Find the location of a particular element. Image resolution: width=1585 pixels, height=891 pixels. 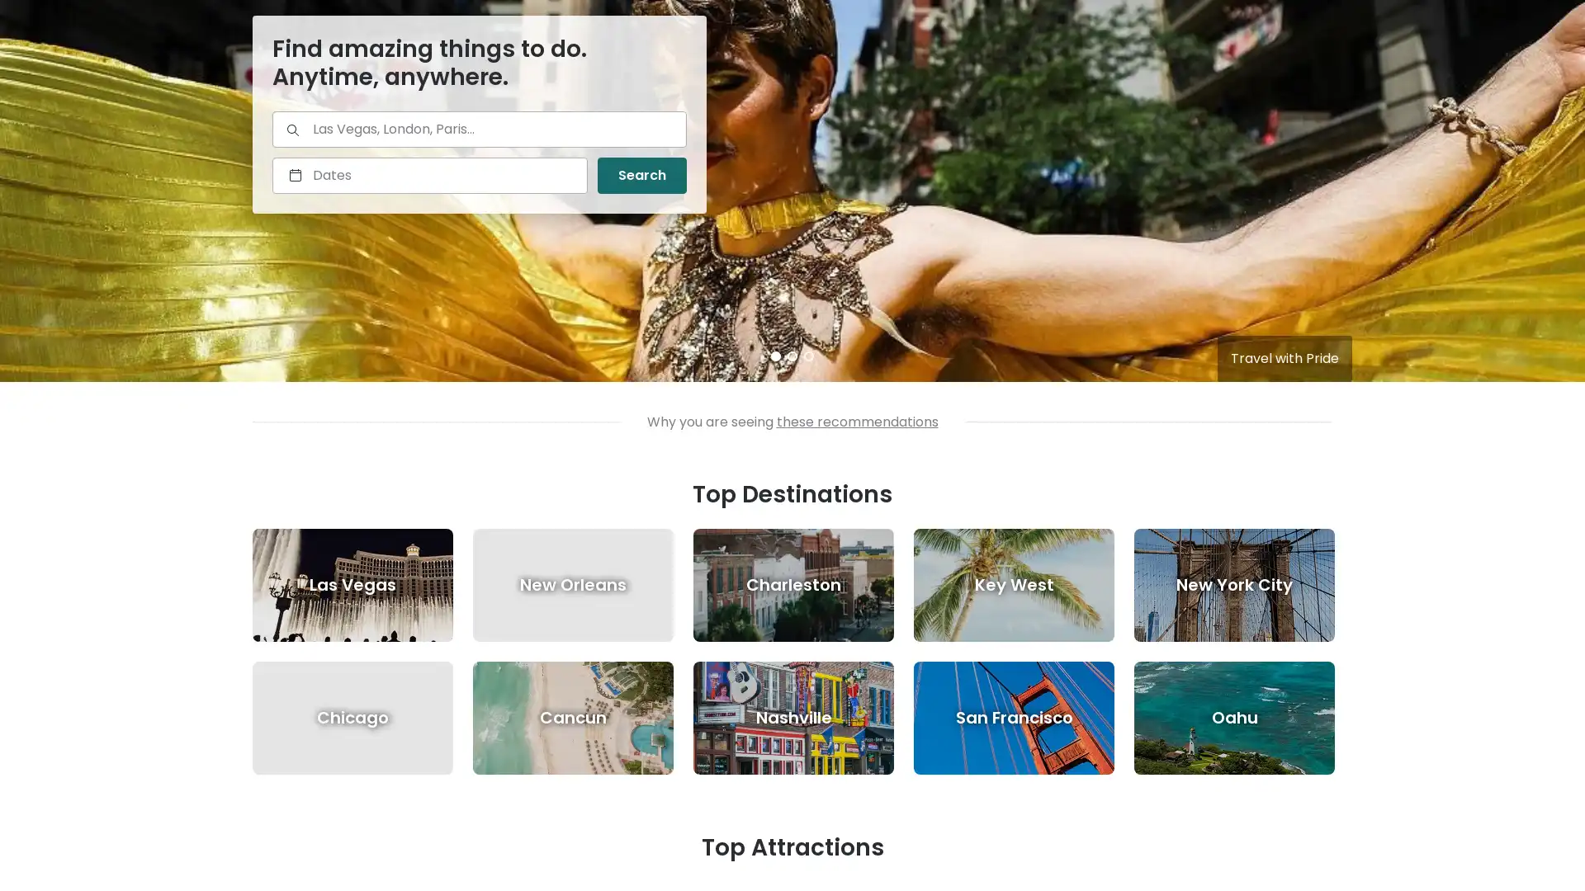

Search is located at coordinates (641, 175).